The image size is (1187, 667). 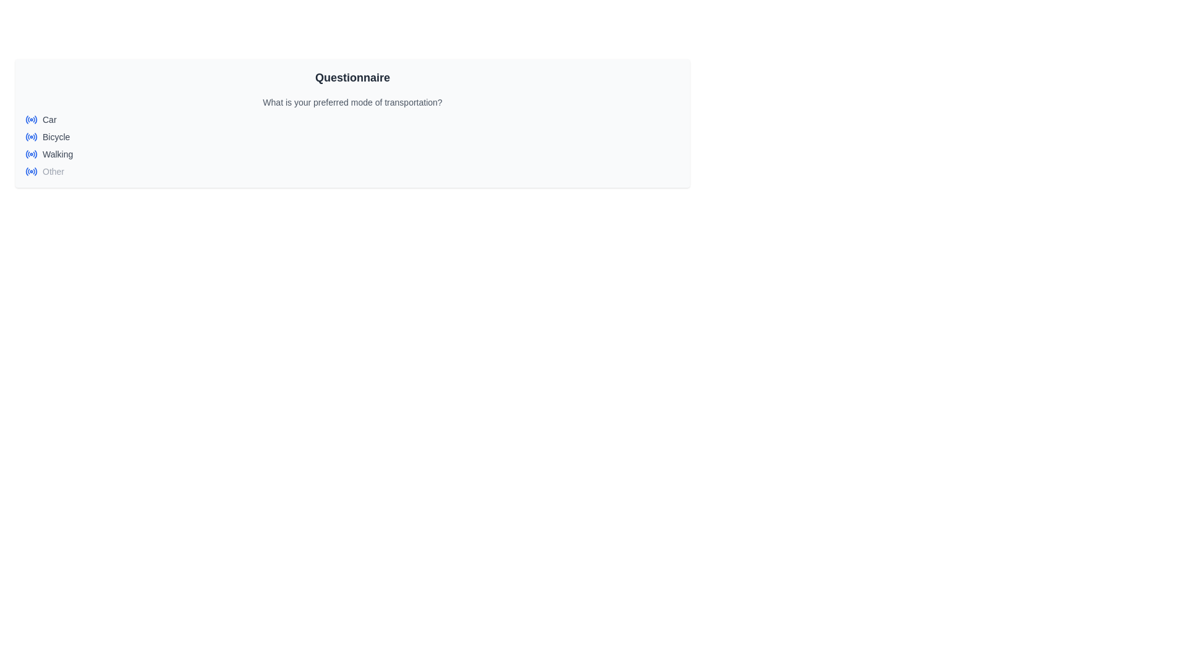 I want to click on static text label for the 'Walking' option in the multiple-choice question, which is the third option in the list, so click(x=57, y=154).